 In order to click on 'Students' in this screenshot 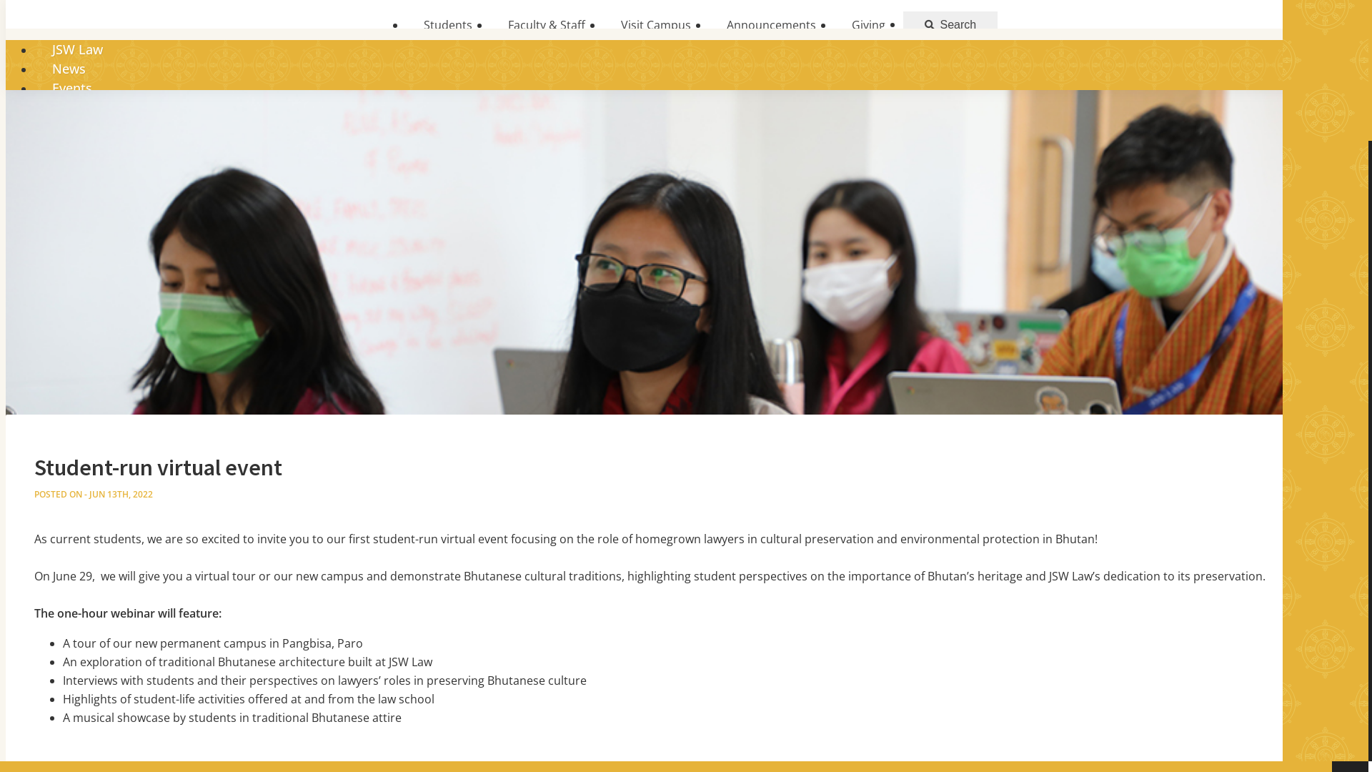, I will do `click(447, 24)`.